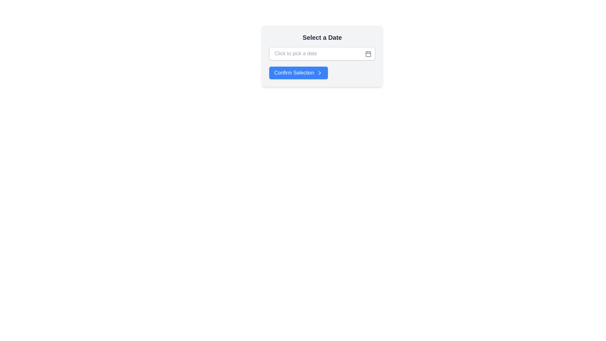 The width and height of the screenshot is (606, 341). I want to click on the confirmation button located at the lower center of the modal box, directly below the text 'Click to pick a date', to confirm the selection, so click(322, 73).